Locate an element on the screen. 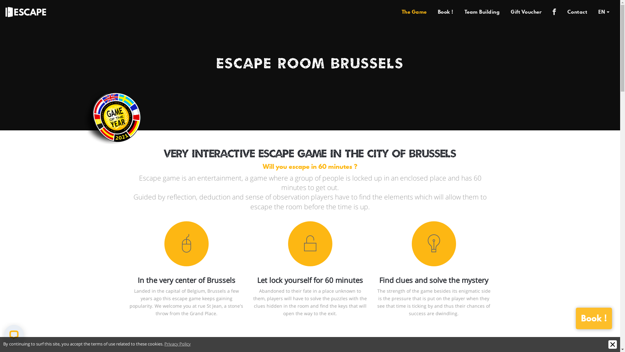 This screenshot has width=625, height=352. 'Privacy Policy' is located at coordinates (177, 344).